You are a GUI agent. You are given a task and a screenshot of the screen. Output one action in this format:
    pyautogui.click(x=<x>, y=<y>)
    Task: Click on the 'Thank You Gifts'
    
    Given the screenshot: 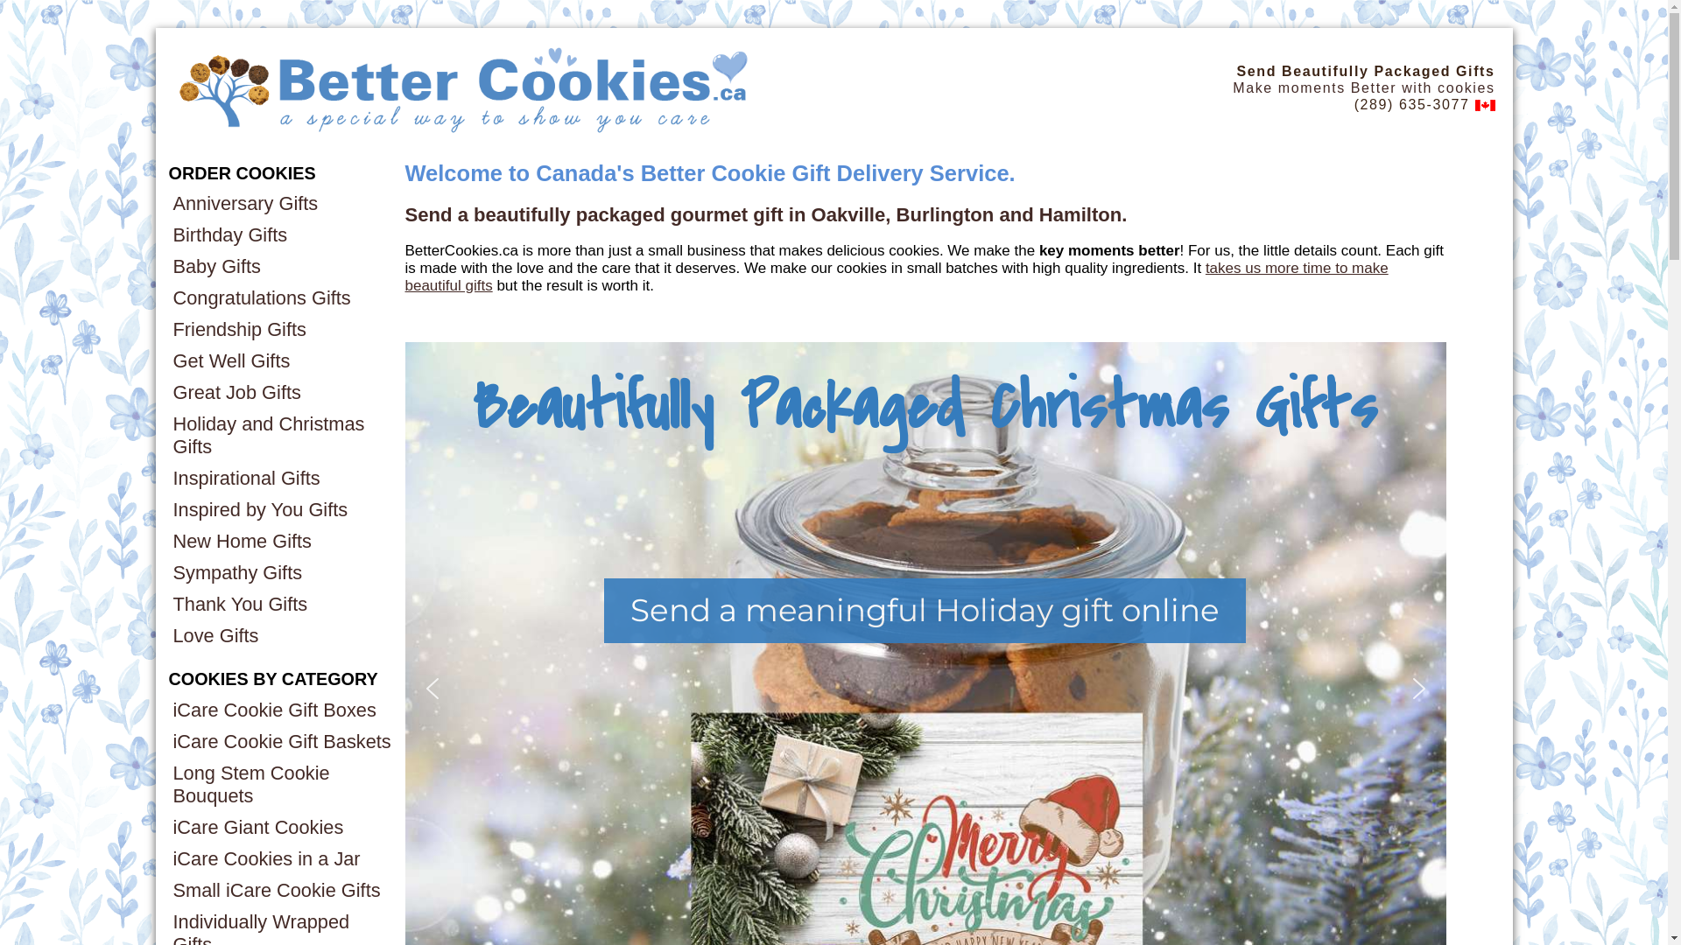 What is the action you would take?
    pyautogui.click(x=281, y=603)
    